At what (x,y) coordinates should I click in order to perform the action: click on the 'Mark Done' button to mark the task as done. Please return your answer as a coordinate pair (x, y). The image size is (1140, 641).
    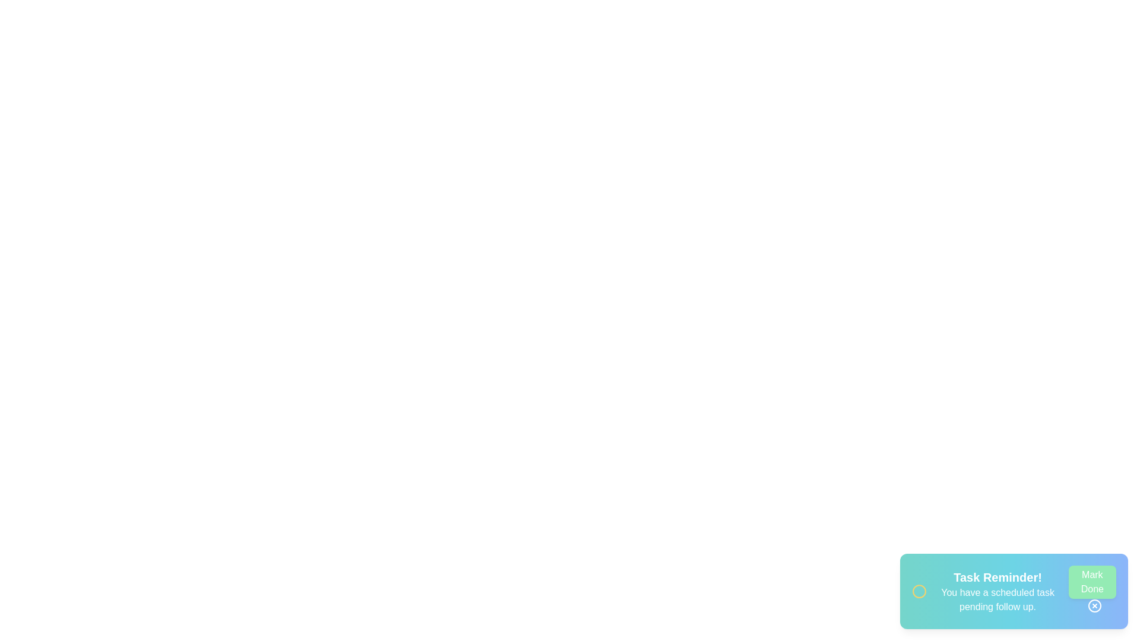
    Looking at the image, I should click on (1092, 581).